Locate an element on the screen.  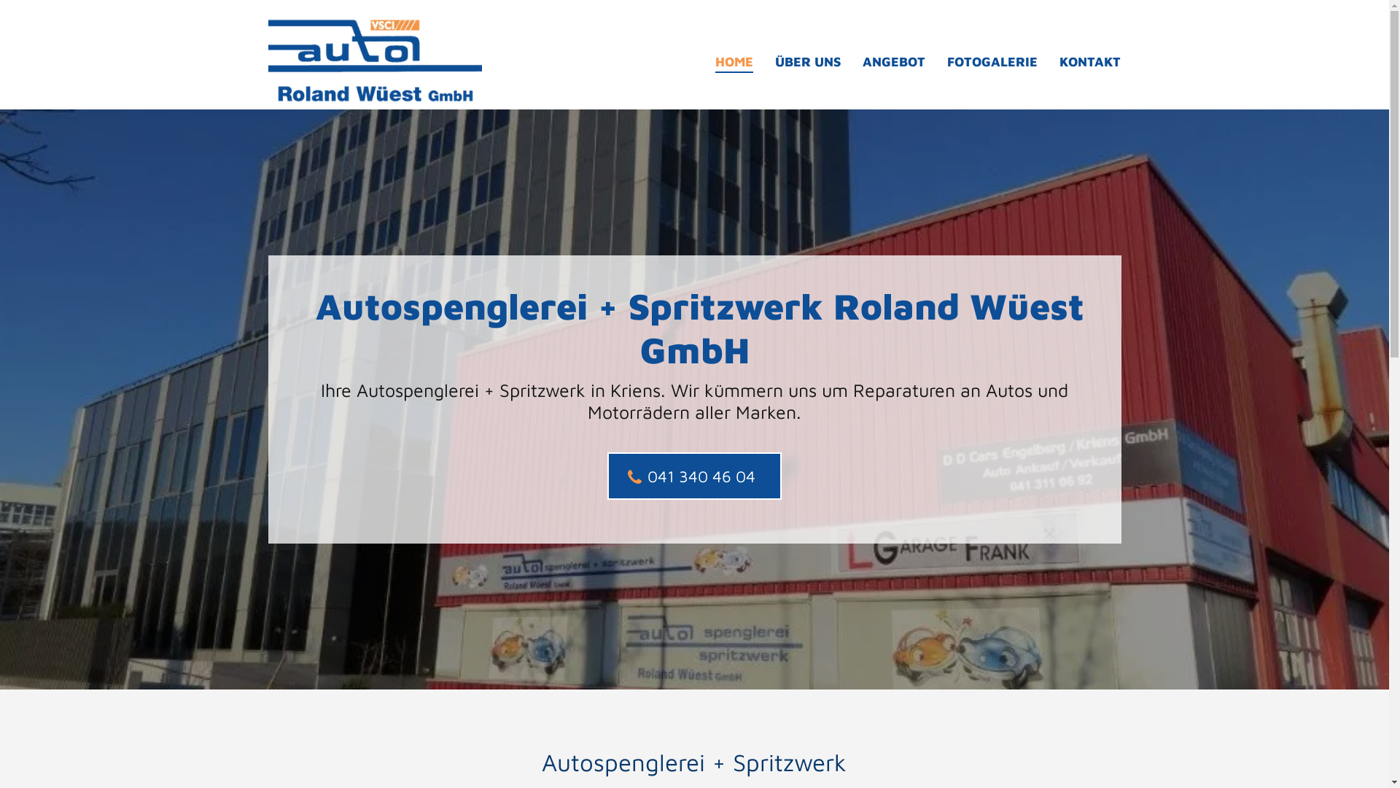
'041 340 46 04' is located at coordinates (693, 476).